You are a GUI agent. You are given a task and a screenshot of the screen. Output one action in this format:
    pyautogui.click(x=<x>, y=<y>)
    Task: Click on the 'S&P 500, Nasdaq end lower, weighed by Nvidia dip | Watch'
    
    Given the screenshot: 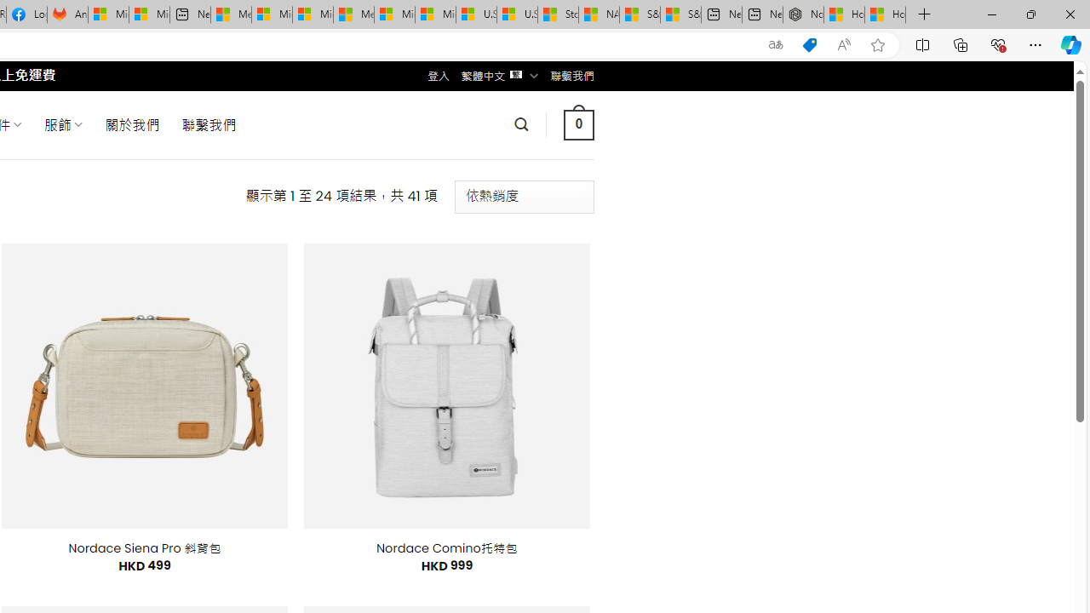 What is the action you would take?
    pyautogui.click(x=680, y=14)
    